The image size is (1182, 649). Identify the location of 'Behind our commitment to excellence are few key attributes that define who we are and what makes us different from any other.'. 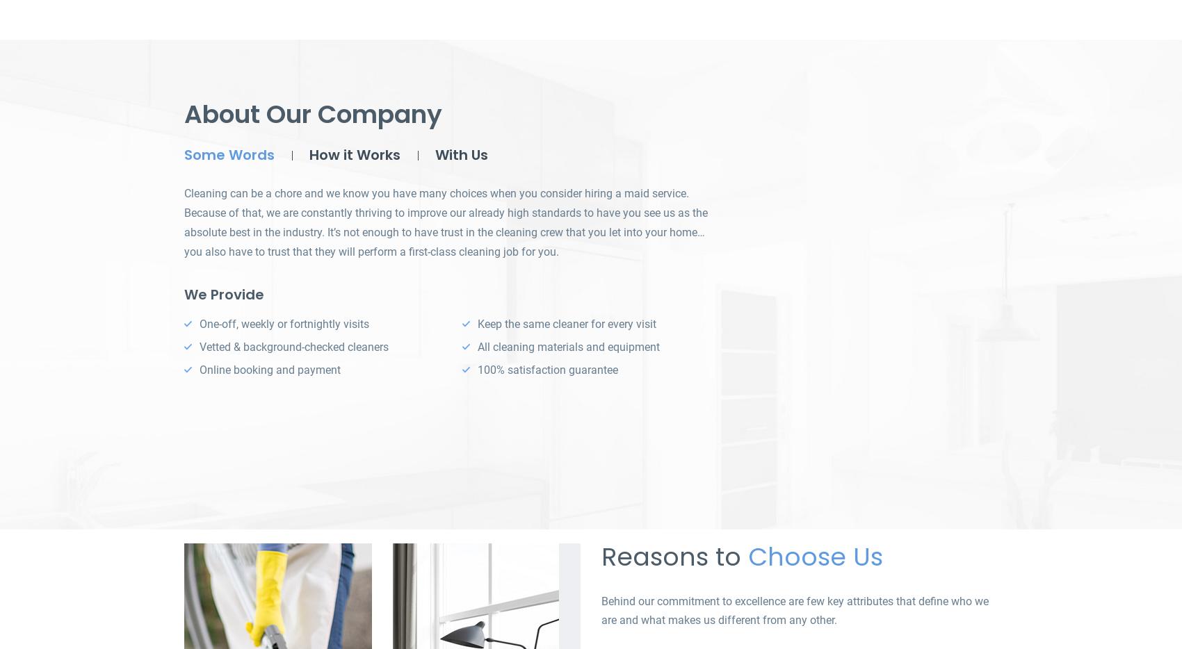
(601, 609).